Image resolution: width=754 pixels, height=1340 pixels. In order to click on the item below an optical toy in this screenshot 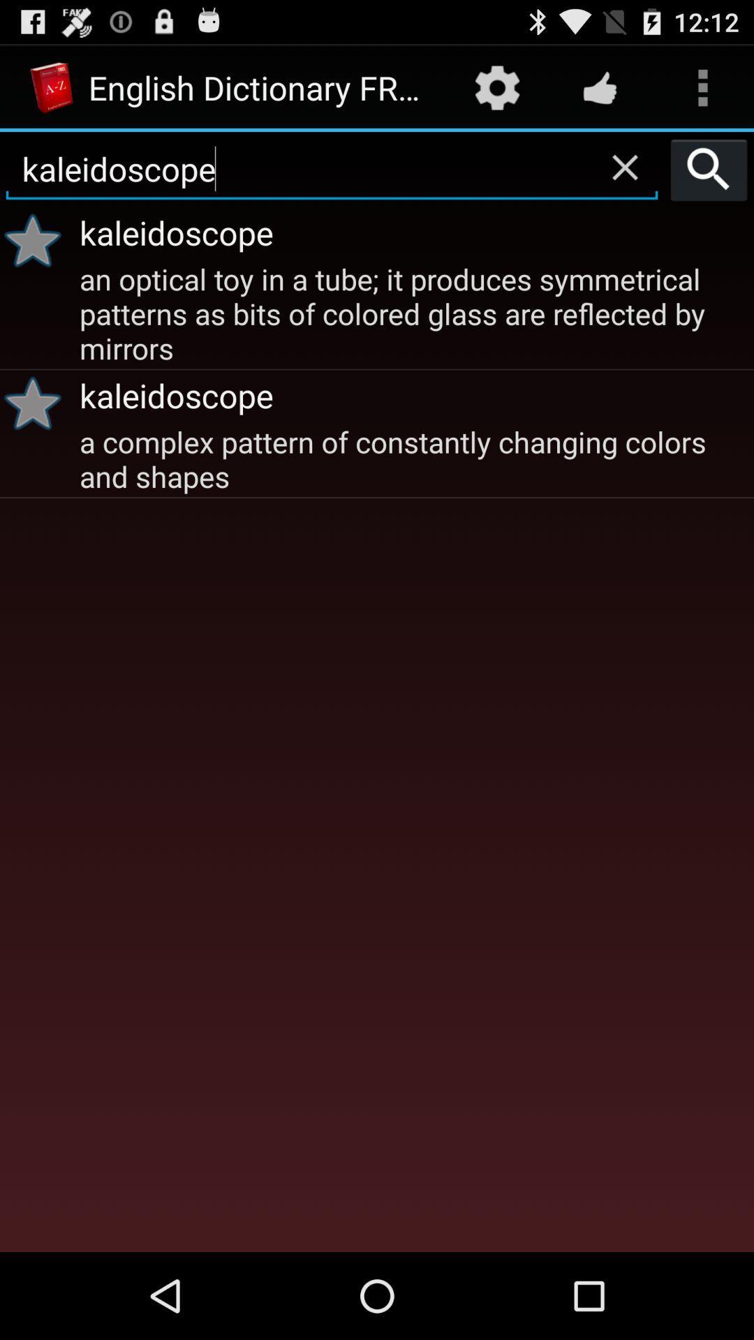, I will do `click(37, 402)`.